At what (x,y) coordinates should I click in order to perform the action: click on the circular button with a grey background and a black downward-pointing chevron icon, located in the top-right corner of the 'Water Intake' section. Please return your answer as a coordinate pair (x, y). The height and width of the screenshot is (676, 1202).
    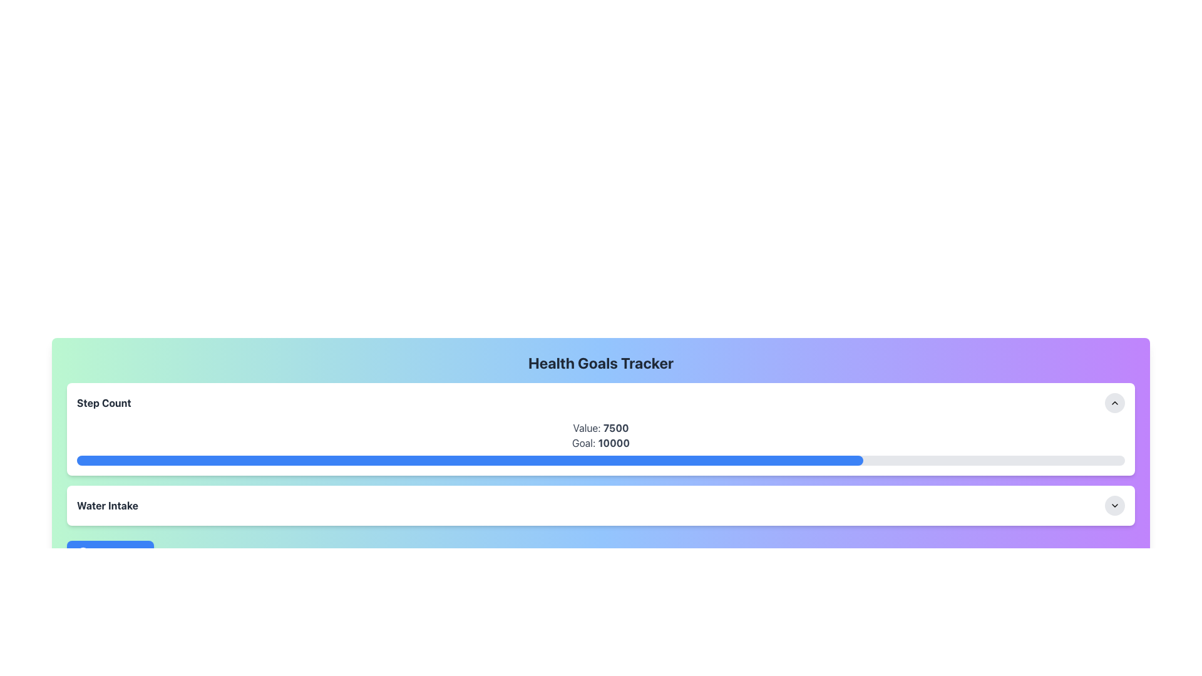
    Looking at the image, I should click on (1114, 504).